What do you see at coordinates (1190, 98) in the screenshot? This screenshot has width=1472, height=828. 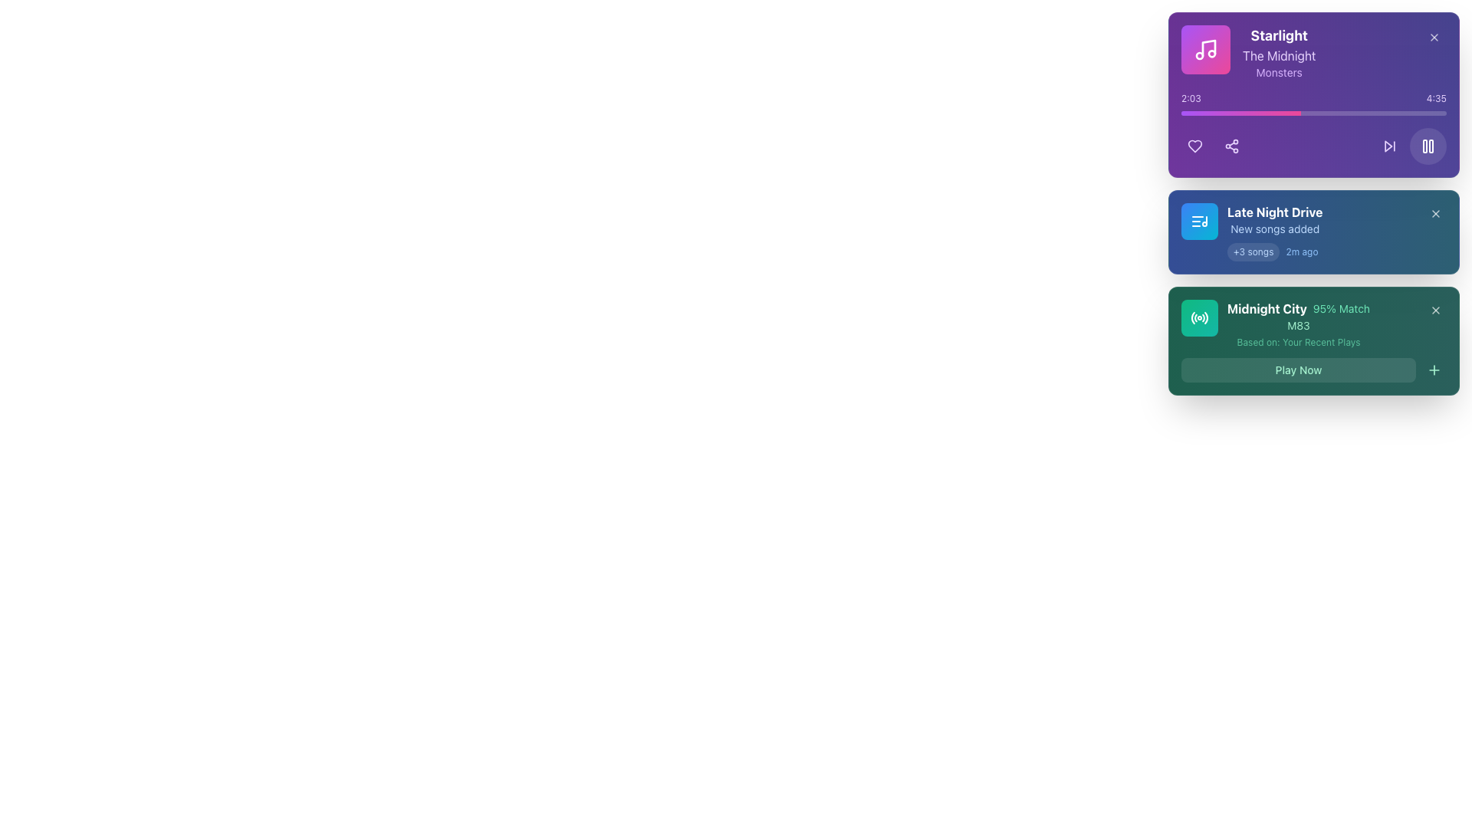 I see `current playback time displayed on the text label located at the top-left corner of the purple song playback card, near the progress bar` at bounding box center [1190, 98].